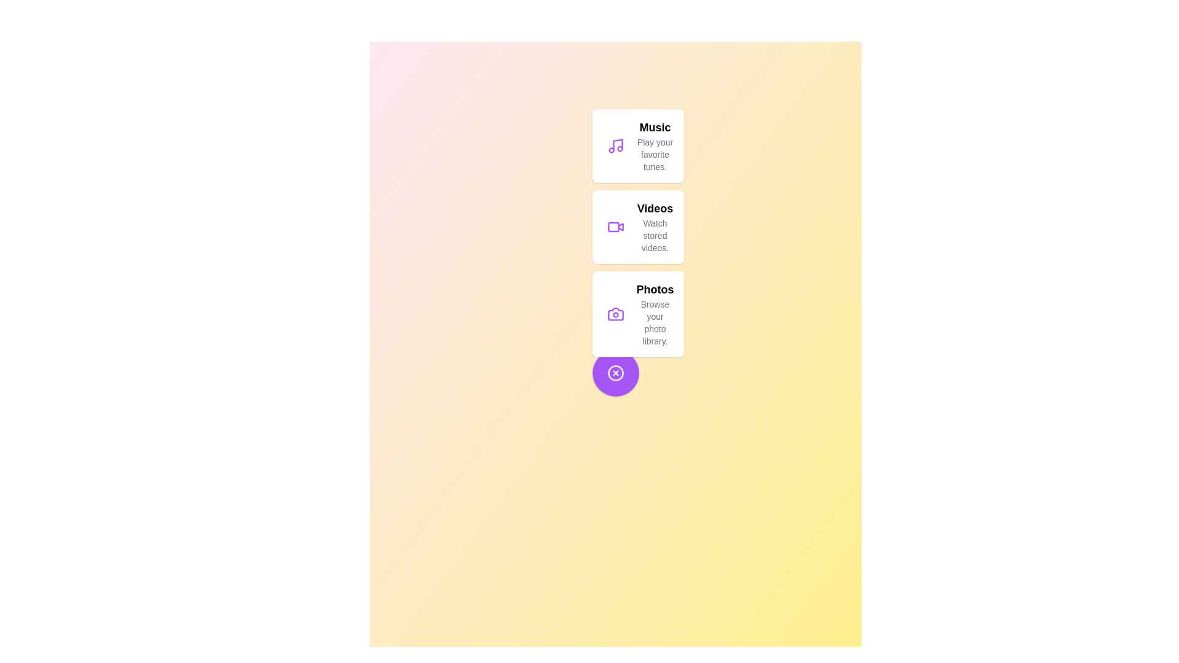 This screenshot has width=1179, height=663. What do you see at coordinates (637, 145) in the screenshot?
I see `the menu item labeled 'Music' to highlight it` at bounding box center [637, 145].